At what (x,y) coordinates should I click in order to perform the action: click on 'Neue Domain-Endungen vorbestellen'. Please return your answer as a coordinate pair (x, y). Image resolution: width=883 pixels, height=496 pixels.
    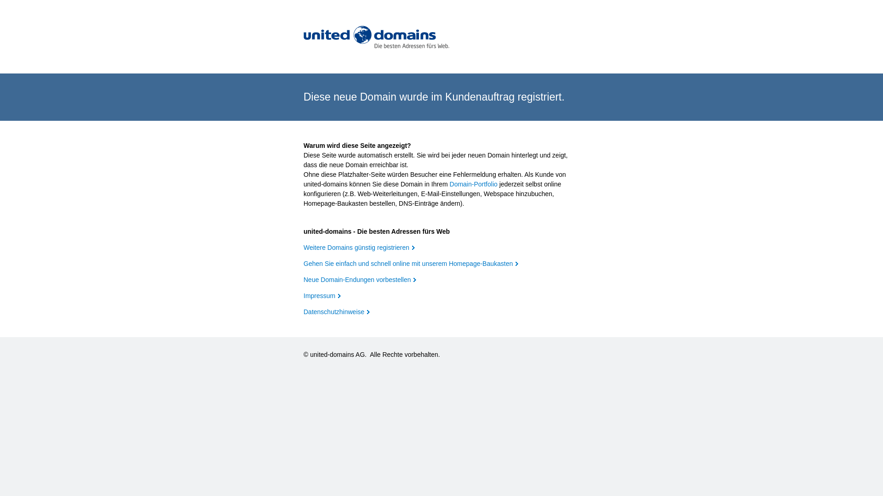
    Looking at the image, I should click on (304, 279).